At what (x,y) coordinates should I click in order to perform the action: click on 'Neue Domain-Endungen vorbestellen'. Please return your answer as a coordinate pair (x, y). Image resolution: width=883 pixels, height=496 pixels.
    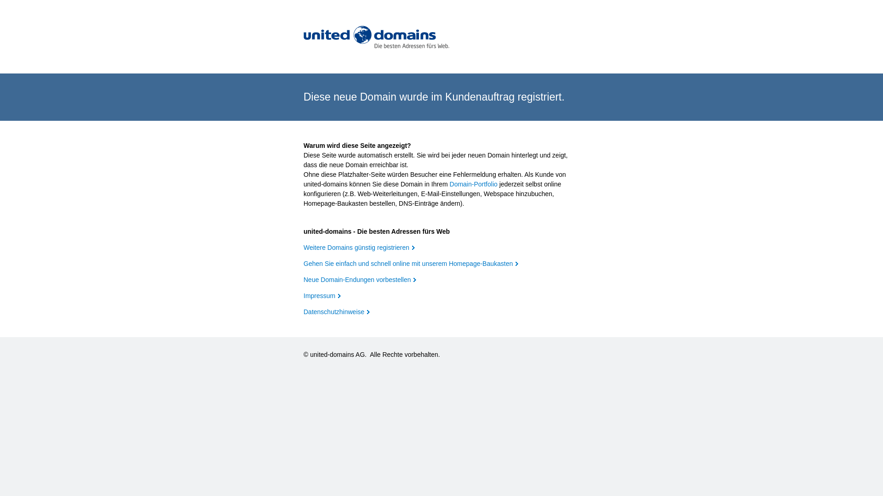
    Looking at the image, I should click on (304, 279).